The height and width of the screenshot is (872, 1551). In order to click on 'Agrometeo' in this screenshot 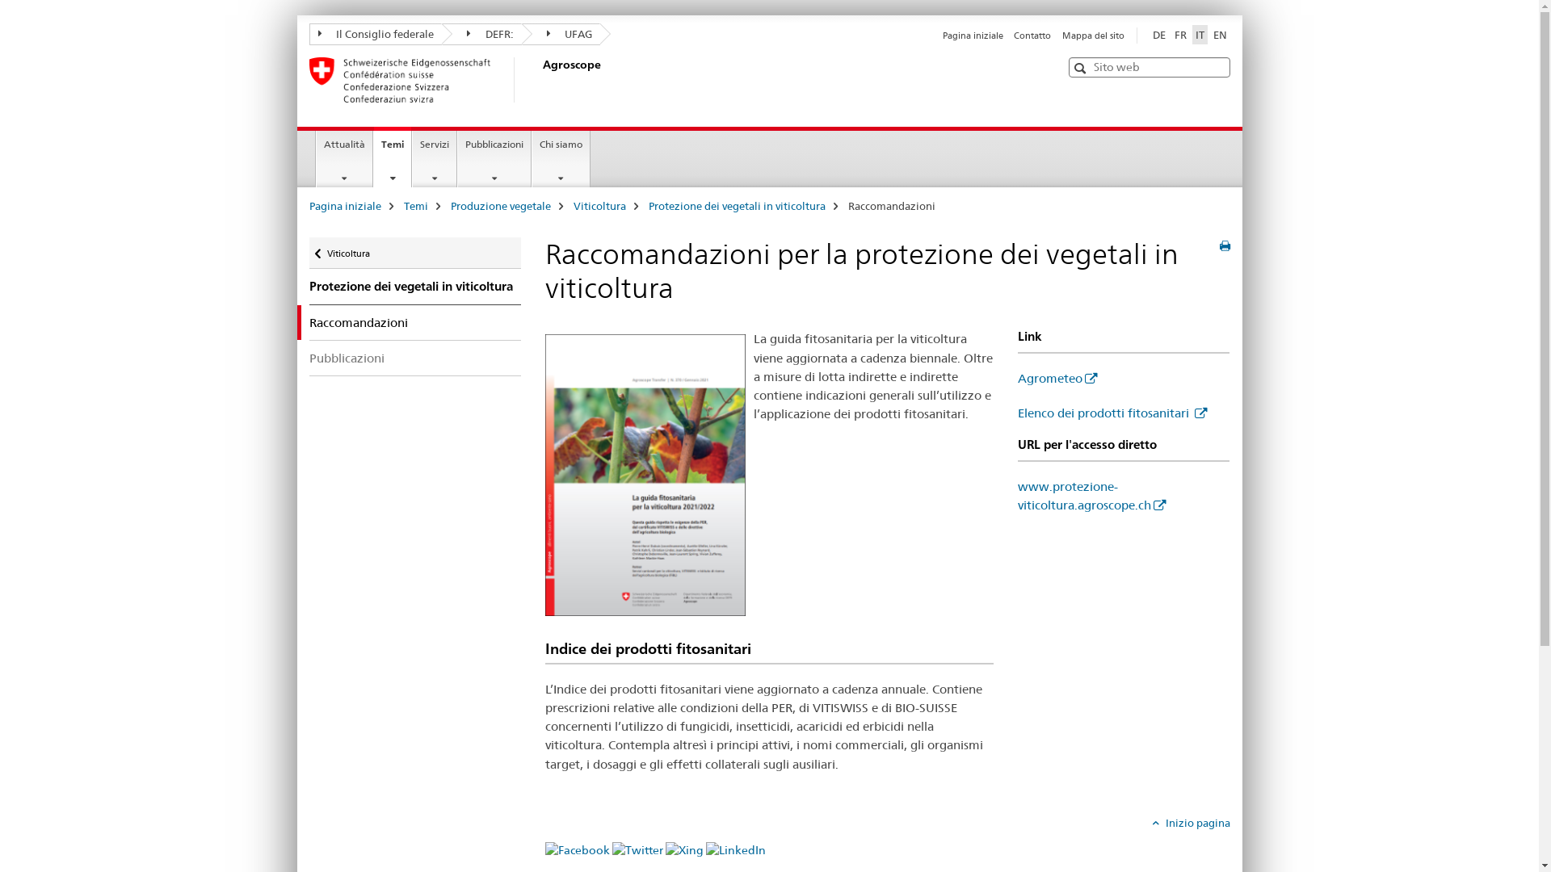, I will do `click(1057, 378)`.